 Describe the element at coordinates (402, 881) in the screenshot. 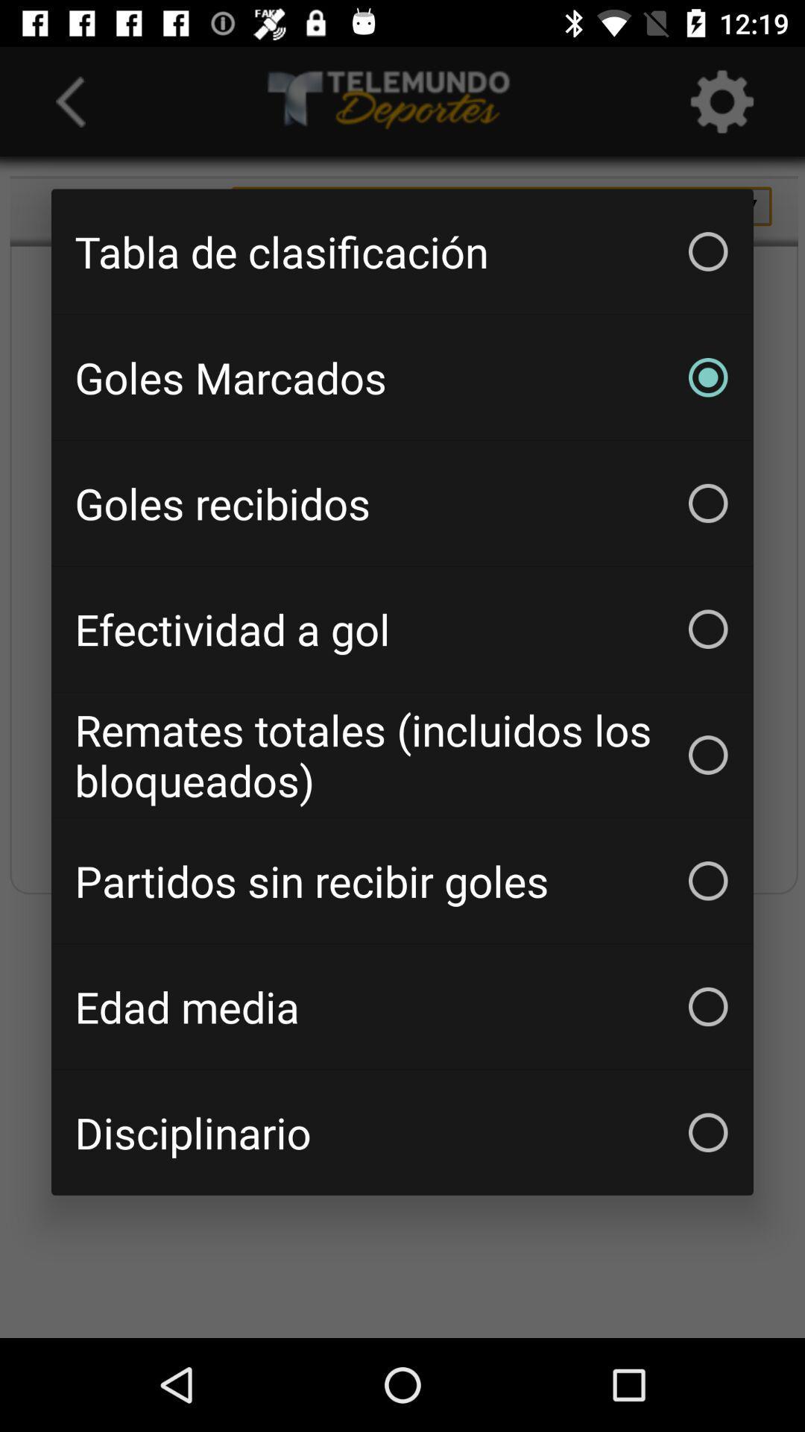

I see `the icon above edad media icon` at that location.